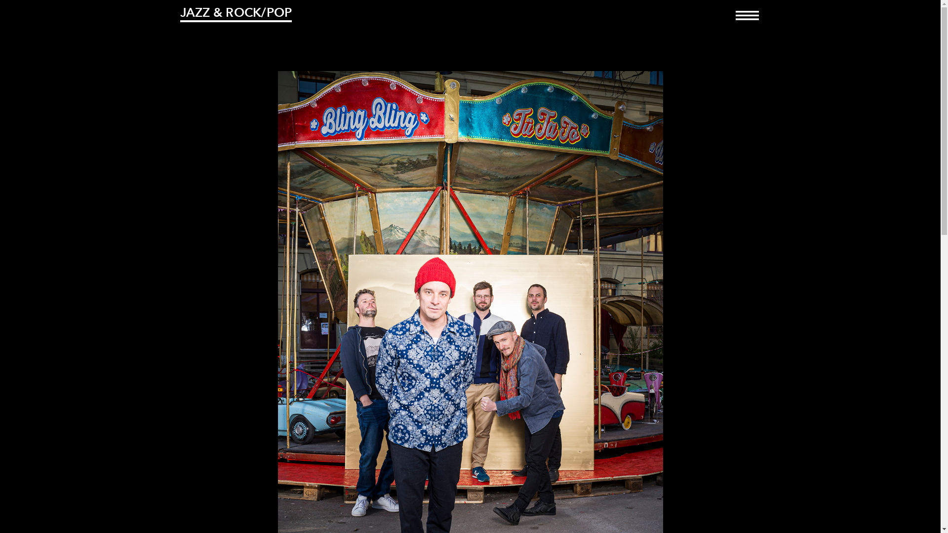  What do you see at coordinates (235, 13) in the screenshot?
I see `'JAZZ & ROCK/POP'` at bounding box center [235, 13].